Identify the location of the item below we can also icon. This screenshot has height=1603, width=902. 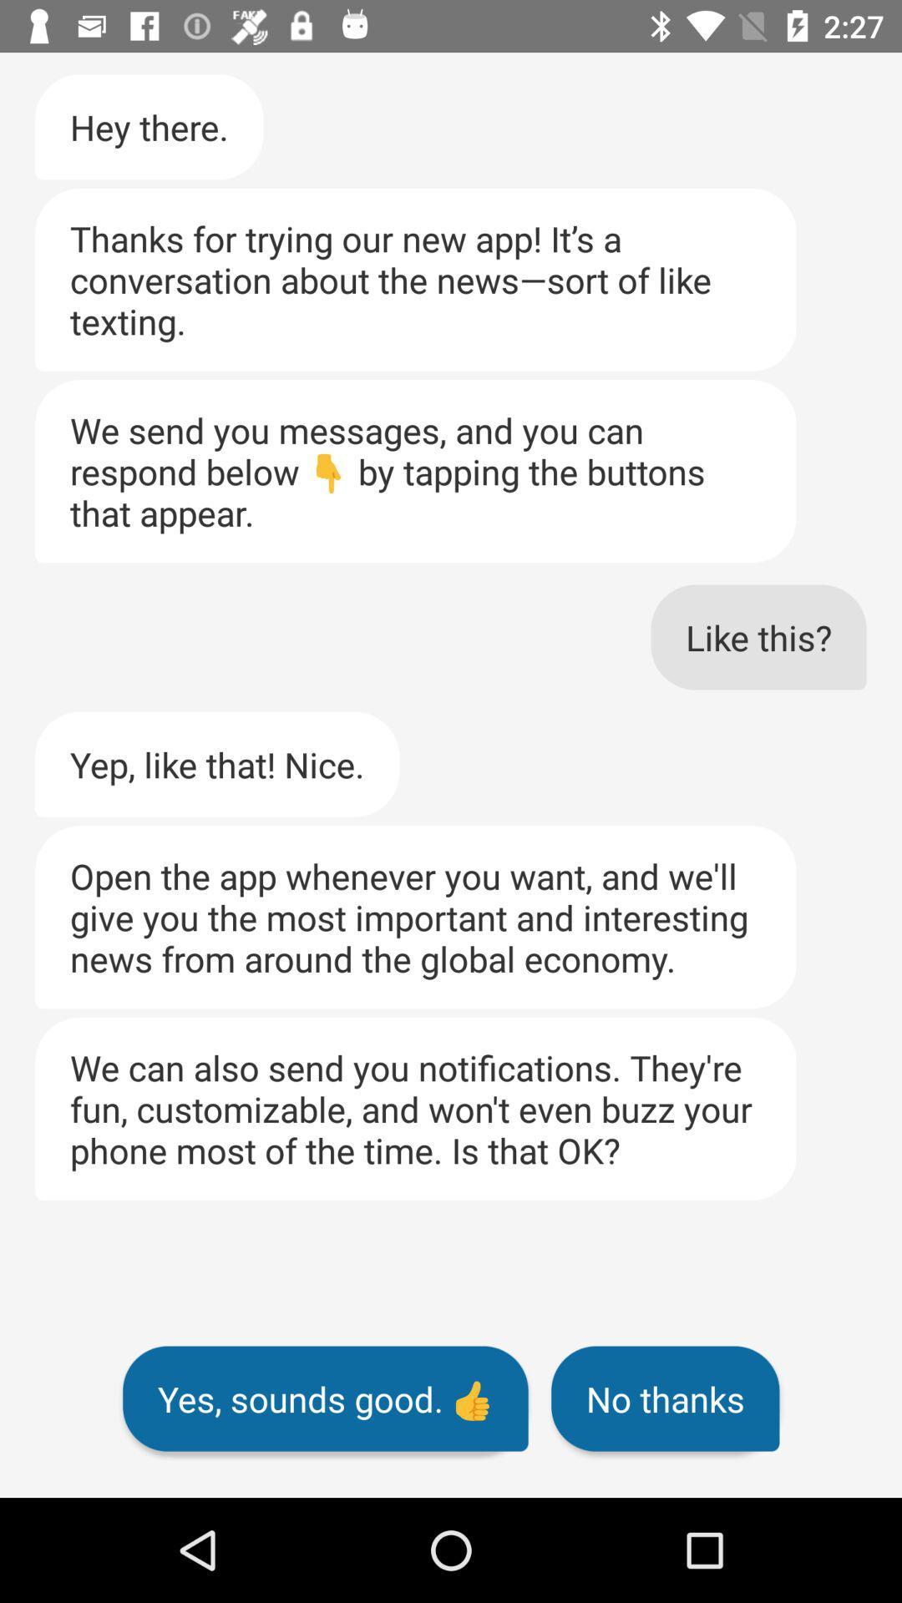
(325, 1398).